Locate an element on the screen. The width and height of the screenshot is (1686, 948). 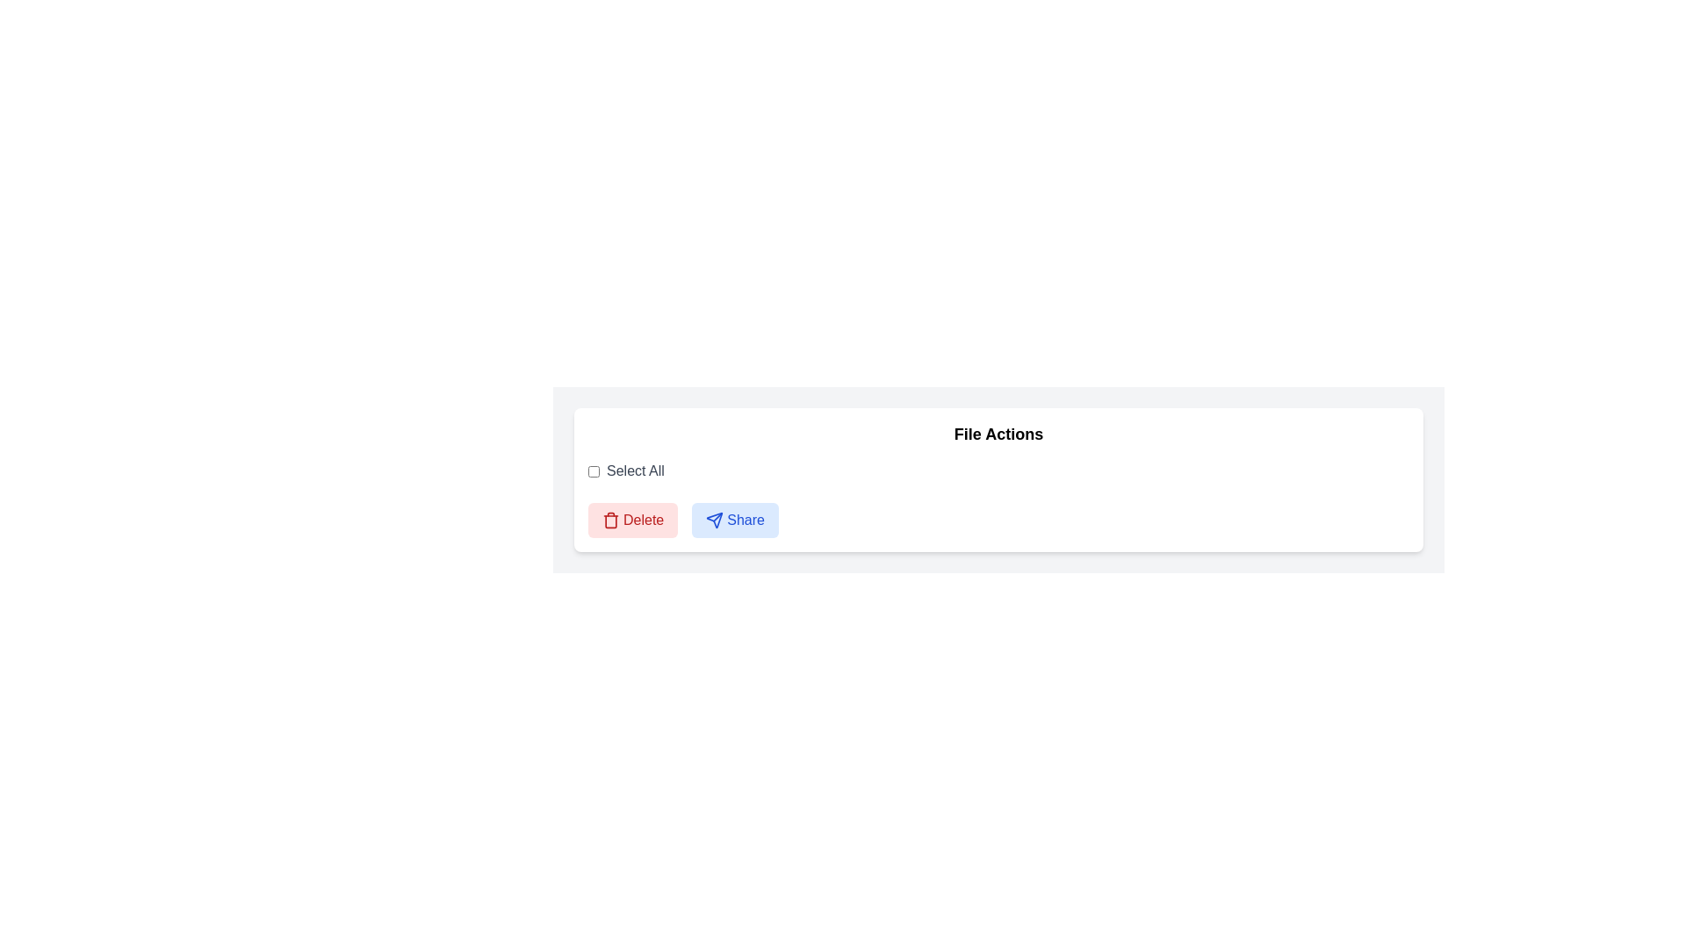
the checkbox located to the left of the 'Select All' label is located at coordinates (594, 470).